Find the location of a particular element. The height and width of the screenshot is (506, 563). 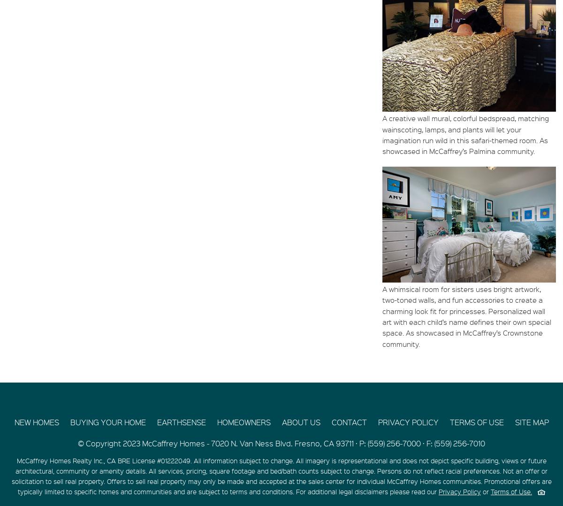

'McCaffrey Homes Realty Inc., CA BRE License #01222049. All information subject to change. All imagery is representational and does not depict specific building, views or future architectural, community or amenity details. All services, pricing, square footage and bed/bath counts subject to change. Persons do not reflect racial preferences. Not an offer or solicitation to sell real property. Offers to sell real property may only be made and accepted at the sales center for individual McCaffrey Homes communities. Promotional offers are typically limited to specific homes and communities and are subject to terms and conditions. For additional legal disclaimers please read our' is located at coordinates (281, 475).